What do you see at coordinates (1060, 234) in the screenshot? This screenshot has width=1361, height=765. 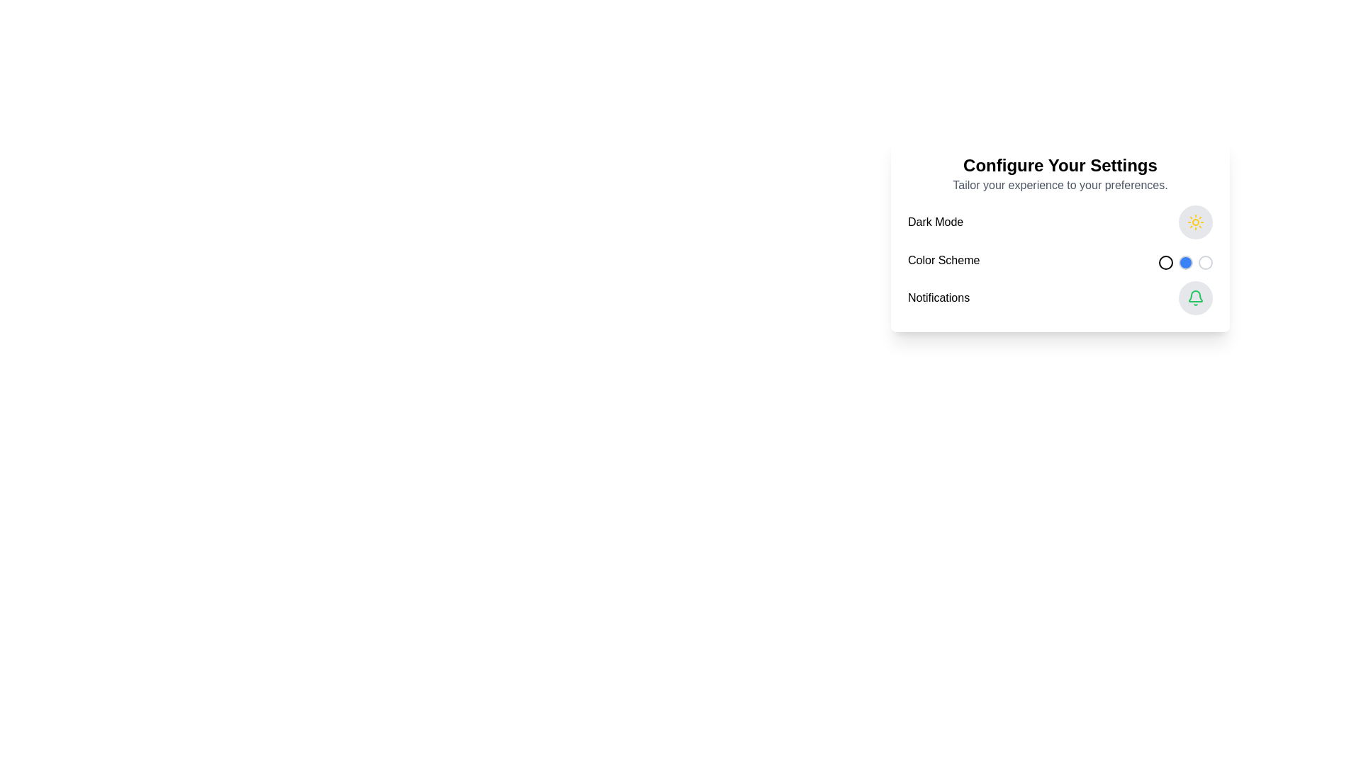 I see `the interactive options or headings within the card-like section titled 'Configure Your Settings', which includes 'Dark Mode', 'Color Scheme', and 'Notifications'` at bounding box center [1060, 234].